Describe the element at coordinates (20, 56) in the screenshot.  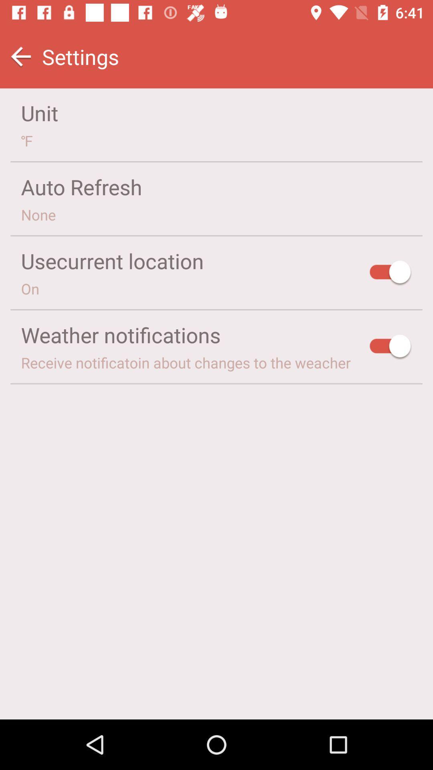
I see `the arrow_backward icon` at that location.